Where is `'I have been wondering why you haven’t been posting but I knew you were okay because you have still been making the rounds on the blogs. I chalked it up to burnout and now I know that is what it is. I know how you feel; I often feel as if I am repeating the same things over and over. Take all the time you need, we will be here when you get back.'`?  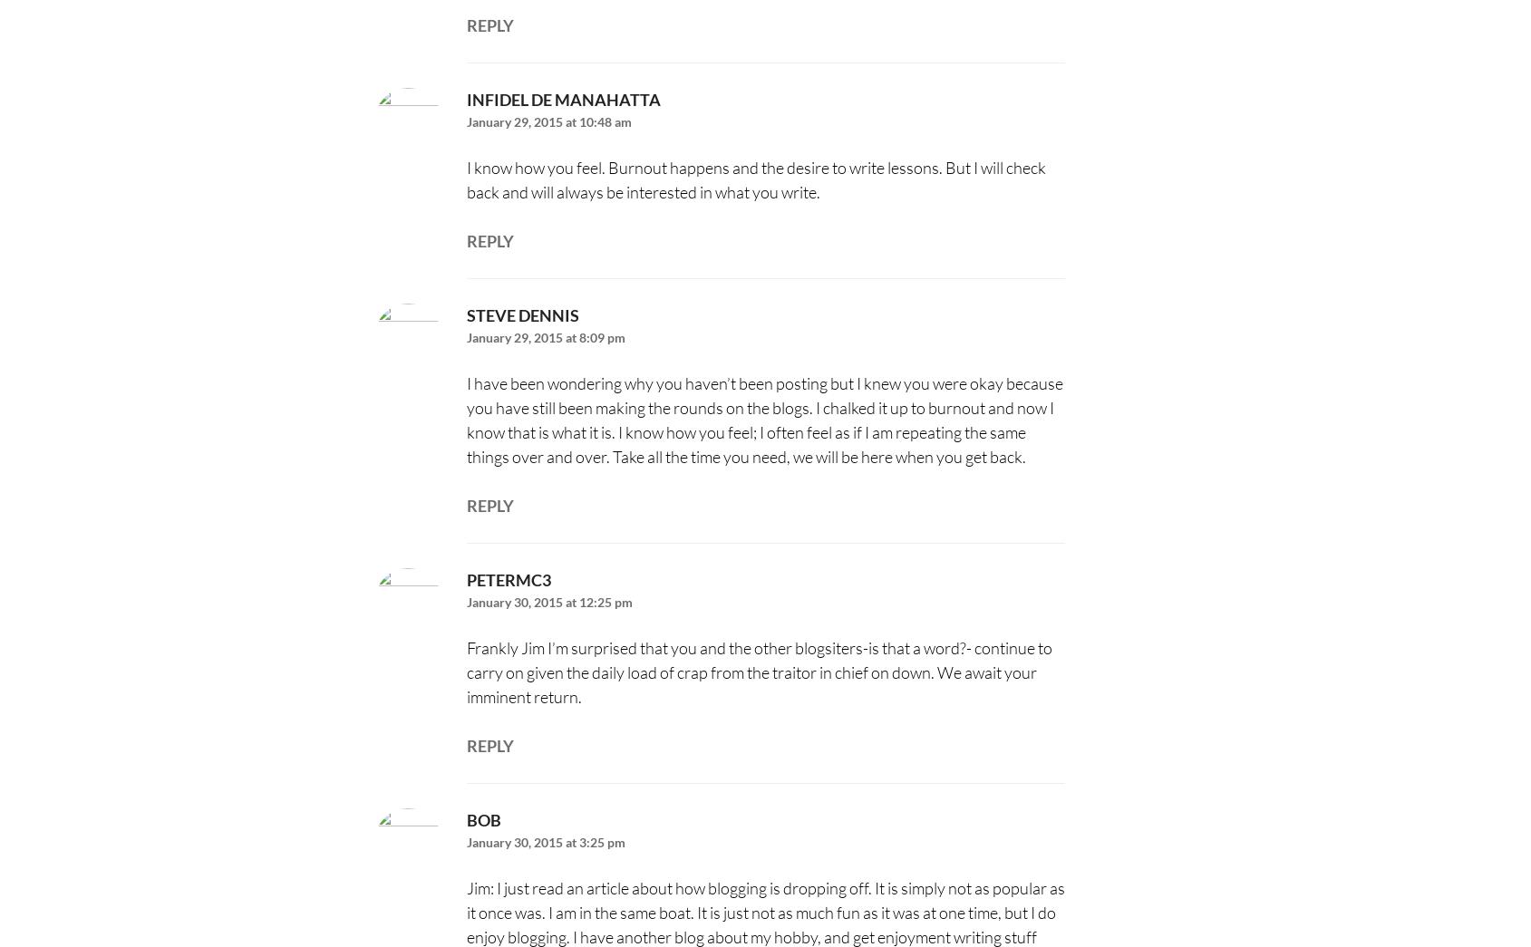 'I have been wondering why you haven’t been posting but I knew you were okay because you have still been making the rounds on the blogs. I chalked it up to burnout and now I know that is what it is. I know how you feel; I often feel as if I am repeating the same things over and over. Take all the time you need, we will be here when you get back.' is located at coordinates (762, 420).